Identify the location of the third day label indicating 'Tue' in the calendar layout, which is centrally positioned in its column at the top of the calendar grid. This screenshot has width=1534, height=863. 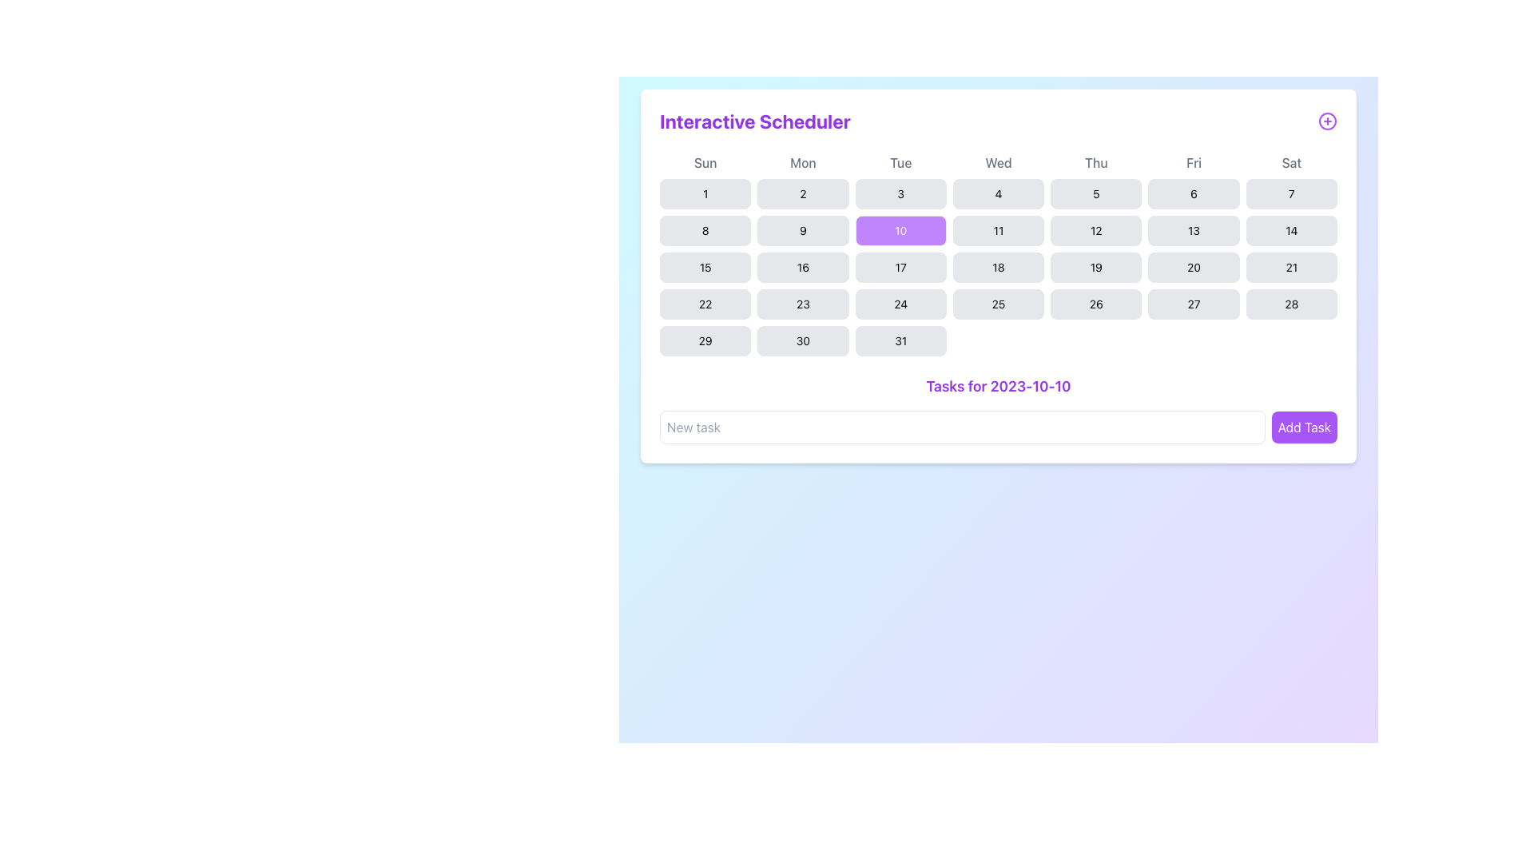
(900, 163).